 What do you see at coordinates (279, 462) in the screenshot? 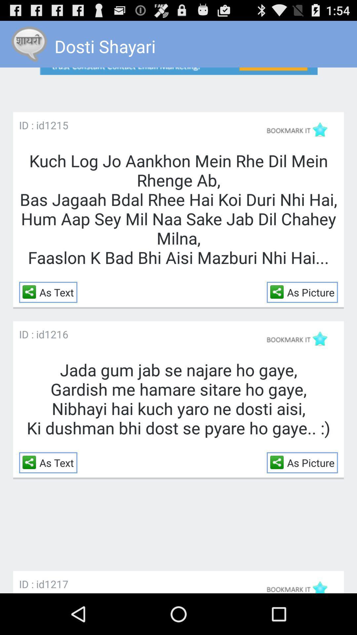
I see `the icon to the left of as picture item` at bounding box center [279, 462].